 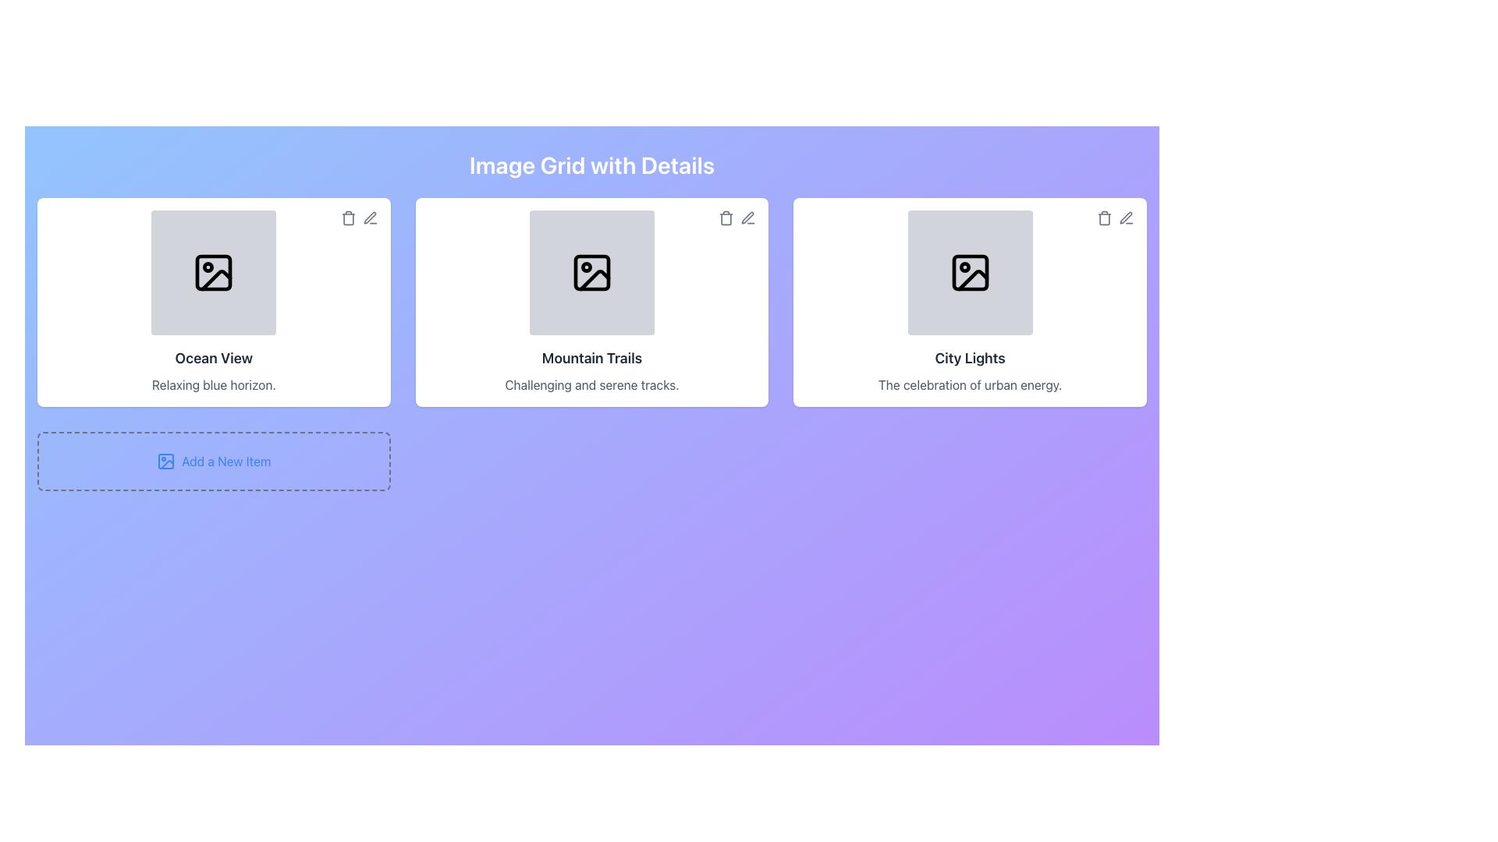 What do you see at coordinates (591, 302) in the screenshot?
I see `the 'Mountain Trails' card, which is the second card in a row of three` at bounding box center [591, 302].